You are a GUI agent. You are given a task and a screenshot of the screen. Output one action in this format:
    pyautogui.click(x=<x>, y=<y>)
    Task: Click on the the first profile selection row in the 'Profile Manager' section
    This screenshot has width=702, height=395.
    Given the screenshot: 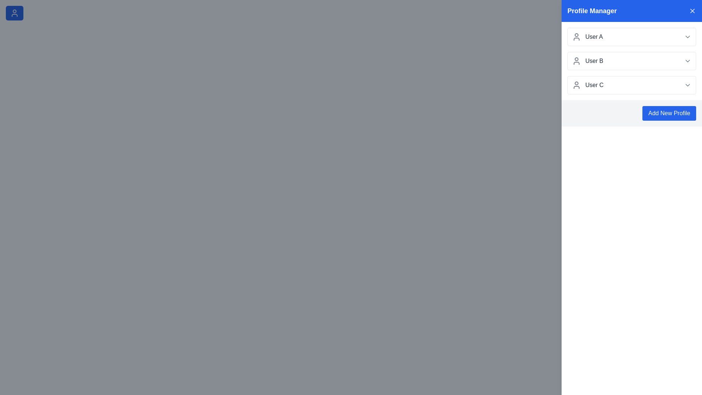 What is the action you would take?
    pyautogui.click(x=631, y=37)
    